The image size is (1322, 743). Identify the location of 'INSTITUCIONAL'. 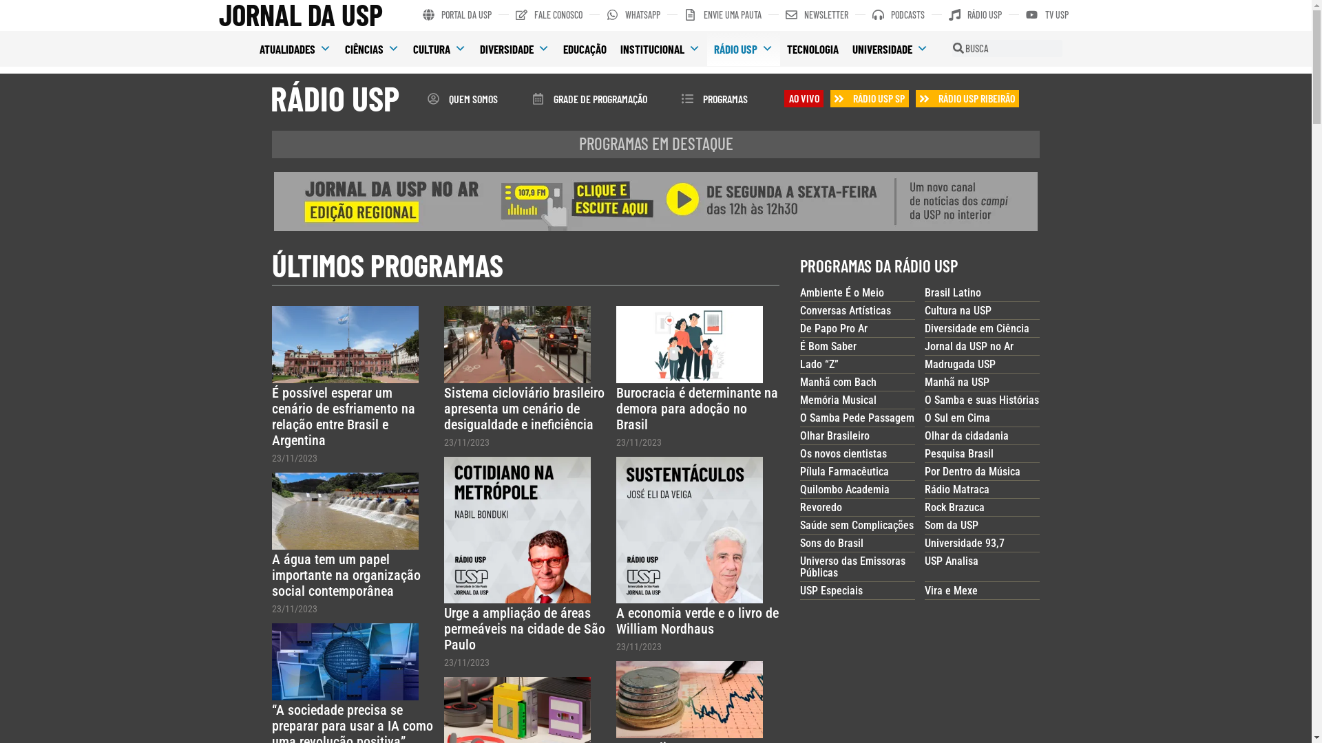
(613, 47).